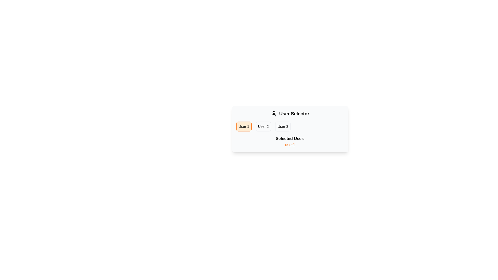 The width and height of the screenshot is (498, 280). What do you see at coordinates (263, 127) in the screenshot?
I see `the button labeled 'User 2'` at bounding box center [263, 127].